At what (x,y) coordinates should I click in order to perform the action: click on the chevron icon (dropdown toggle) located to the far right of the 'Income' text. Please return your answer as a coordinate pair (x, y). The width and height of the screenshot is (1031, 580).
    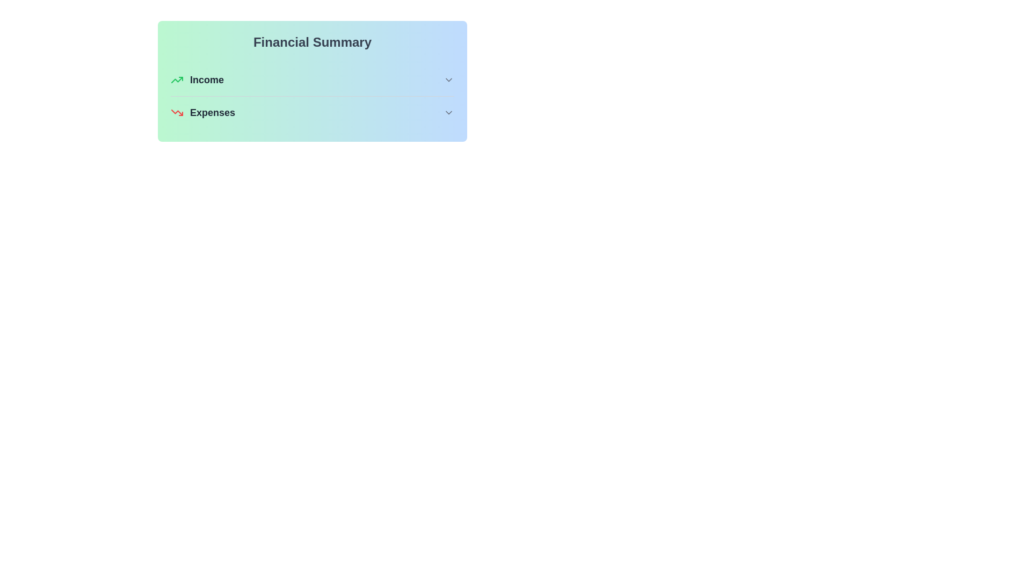
    Looking at the image, I should click on (448, 79).